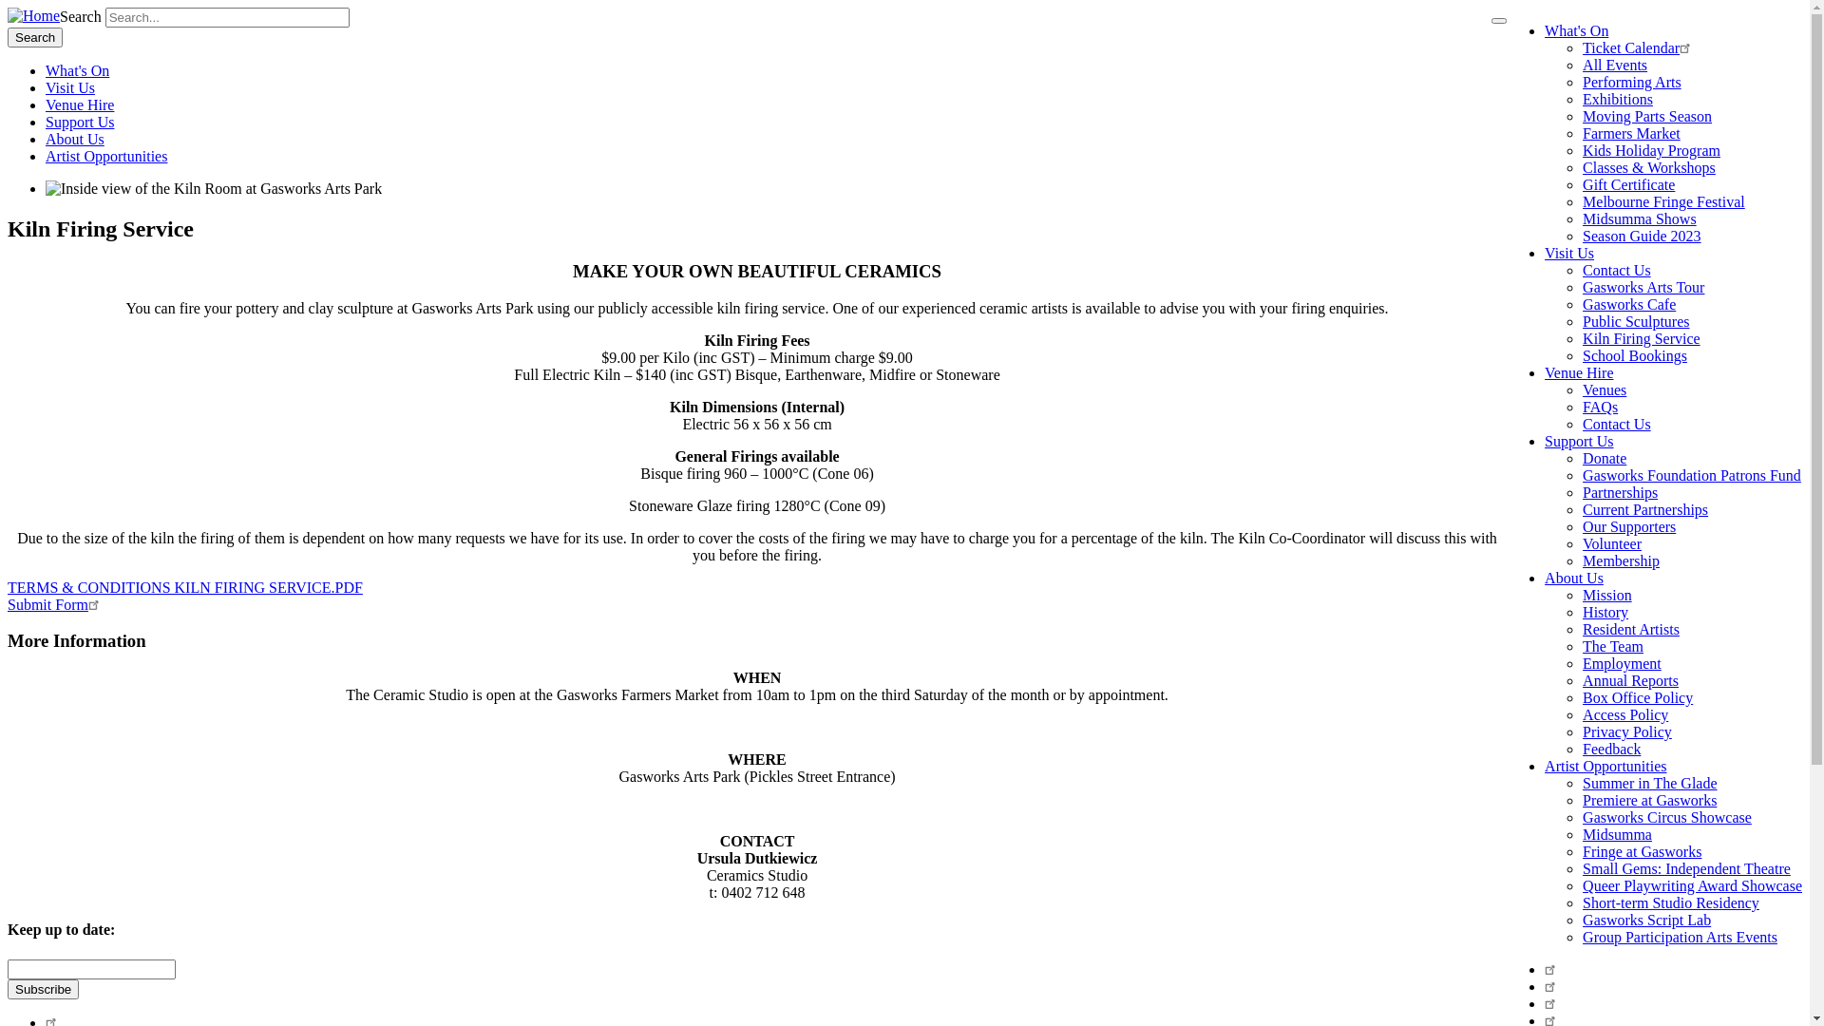 The height and width of the screenshot is (1026, 1824). Describe the element at coordinates (1691, 474) in the screenshot. I see `'Gasworks Foundation Patrons Fund'` at that location.